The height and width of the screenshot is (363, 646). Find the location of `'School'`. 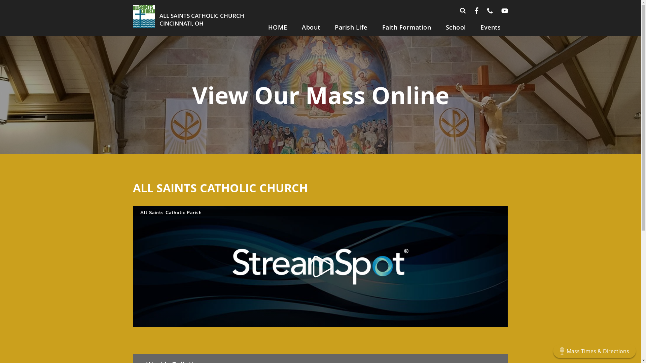

'School' is located at coordinates (438, 27).